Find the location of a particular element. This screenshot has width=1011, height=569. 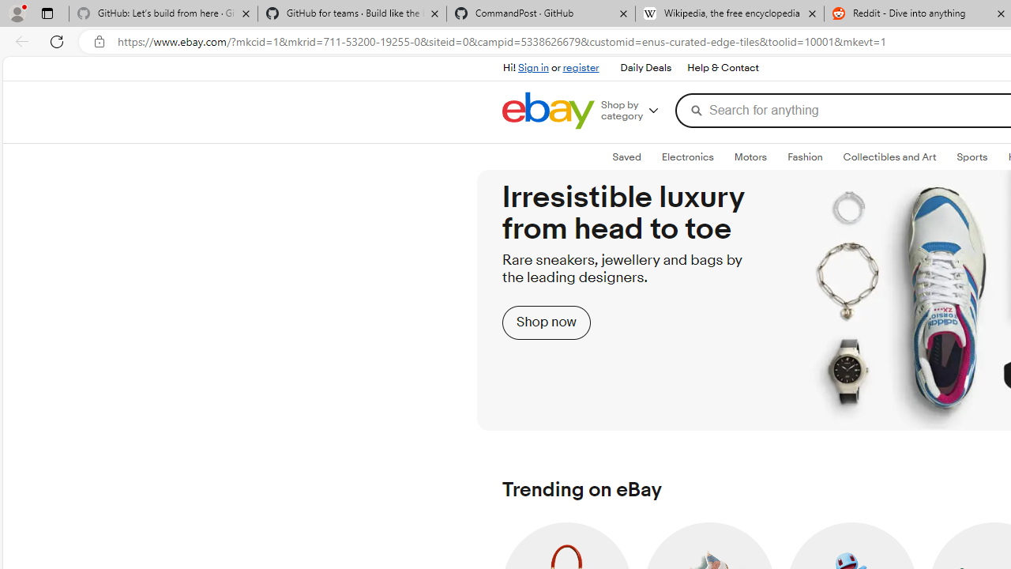

'Help & Contact' is located at coordinates (722, 68).